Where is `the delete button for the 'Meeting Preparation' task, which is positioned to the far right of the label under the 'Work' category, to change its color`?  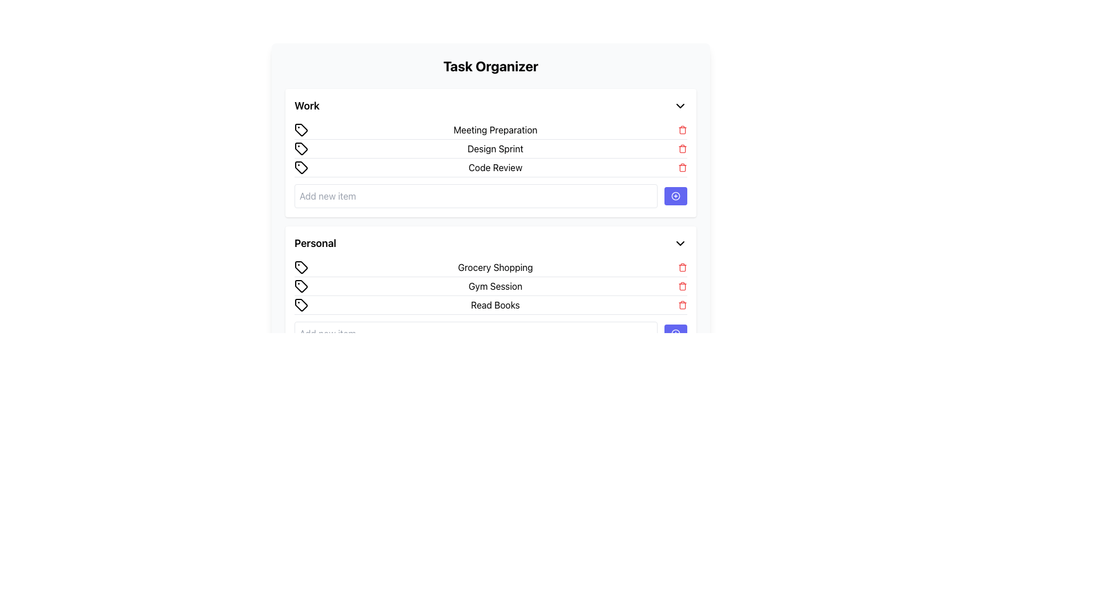
the delete button for the 'Meeting Preparation' task, which is positioned to the far right of the label under the 'Work' category, to change its color is located at coordinates (682, 129).